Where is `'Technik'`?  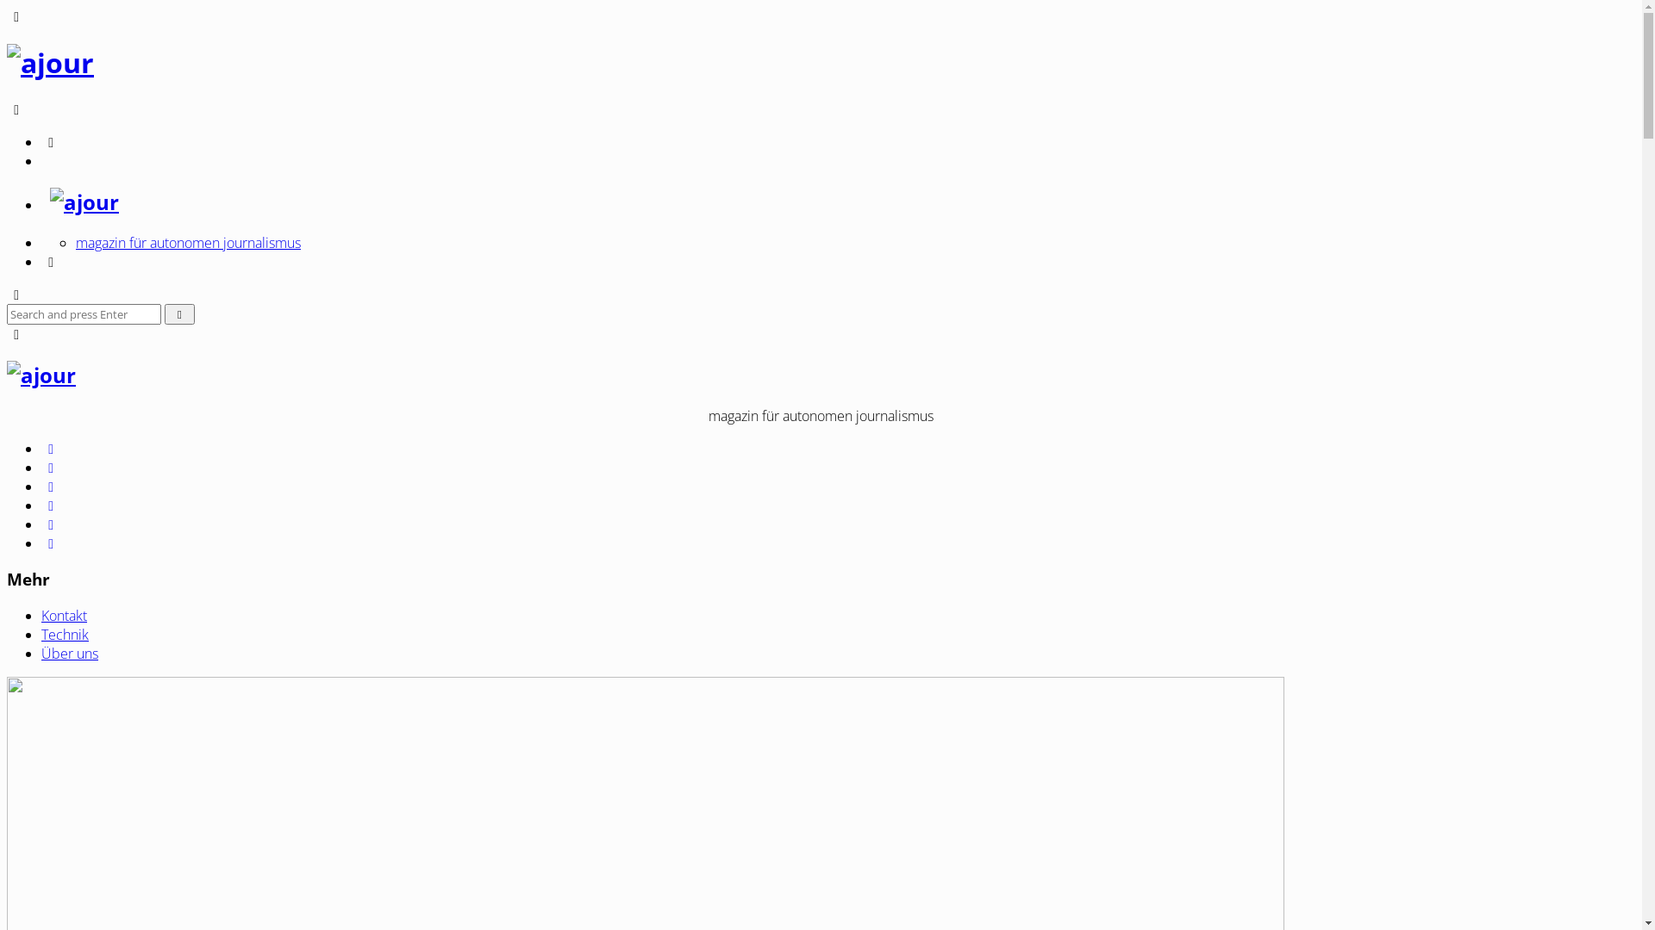 'Technik' is located at coordinates (65, 634).